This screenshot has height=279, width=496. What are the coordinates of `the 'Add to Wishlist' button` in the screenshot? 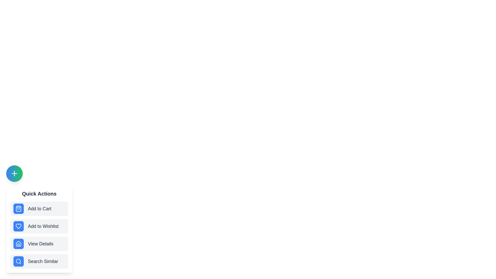 It's located at (39, 226).